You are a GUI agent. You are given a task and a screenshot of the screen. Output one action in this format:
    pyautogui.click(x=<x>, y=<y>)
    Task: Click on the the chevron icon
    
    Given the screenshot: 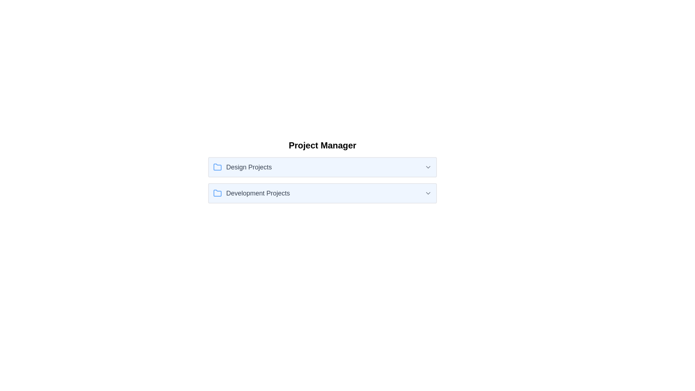 What is the action you would take?
    pyautogui.click(x=428, y=193)
    